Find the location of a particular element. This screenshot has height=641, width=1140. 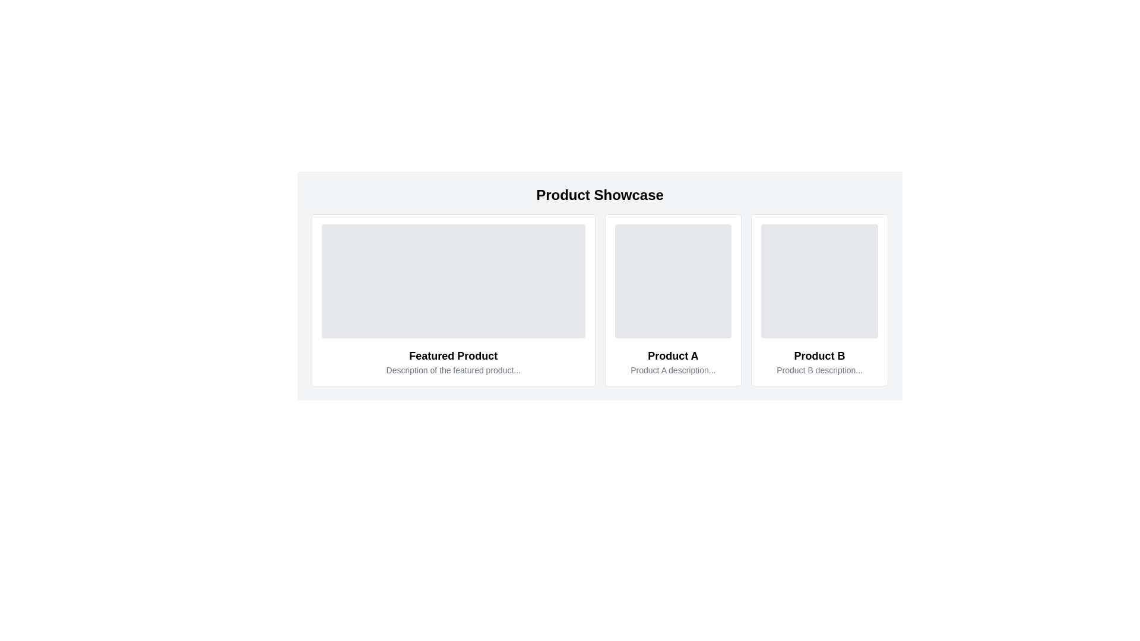

the informational text element that provides context about 'Product A', located within the card-style component beneath its title is located at coordinates (673, 370).